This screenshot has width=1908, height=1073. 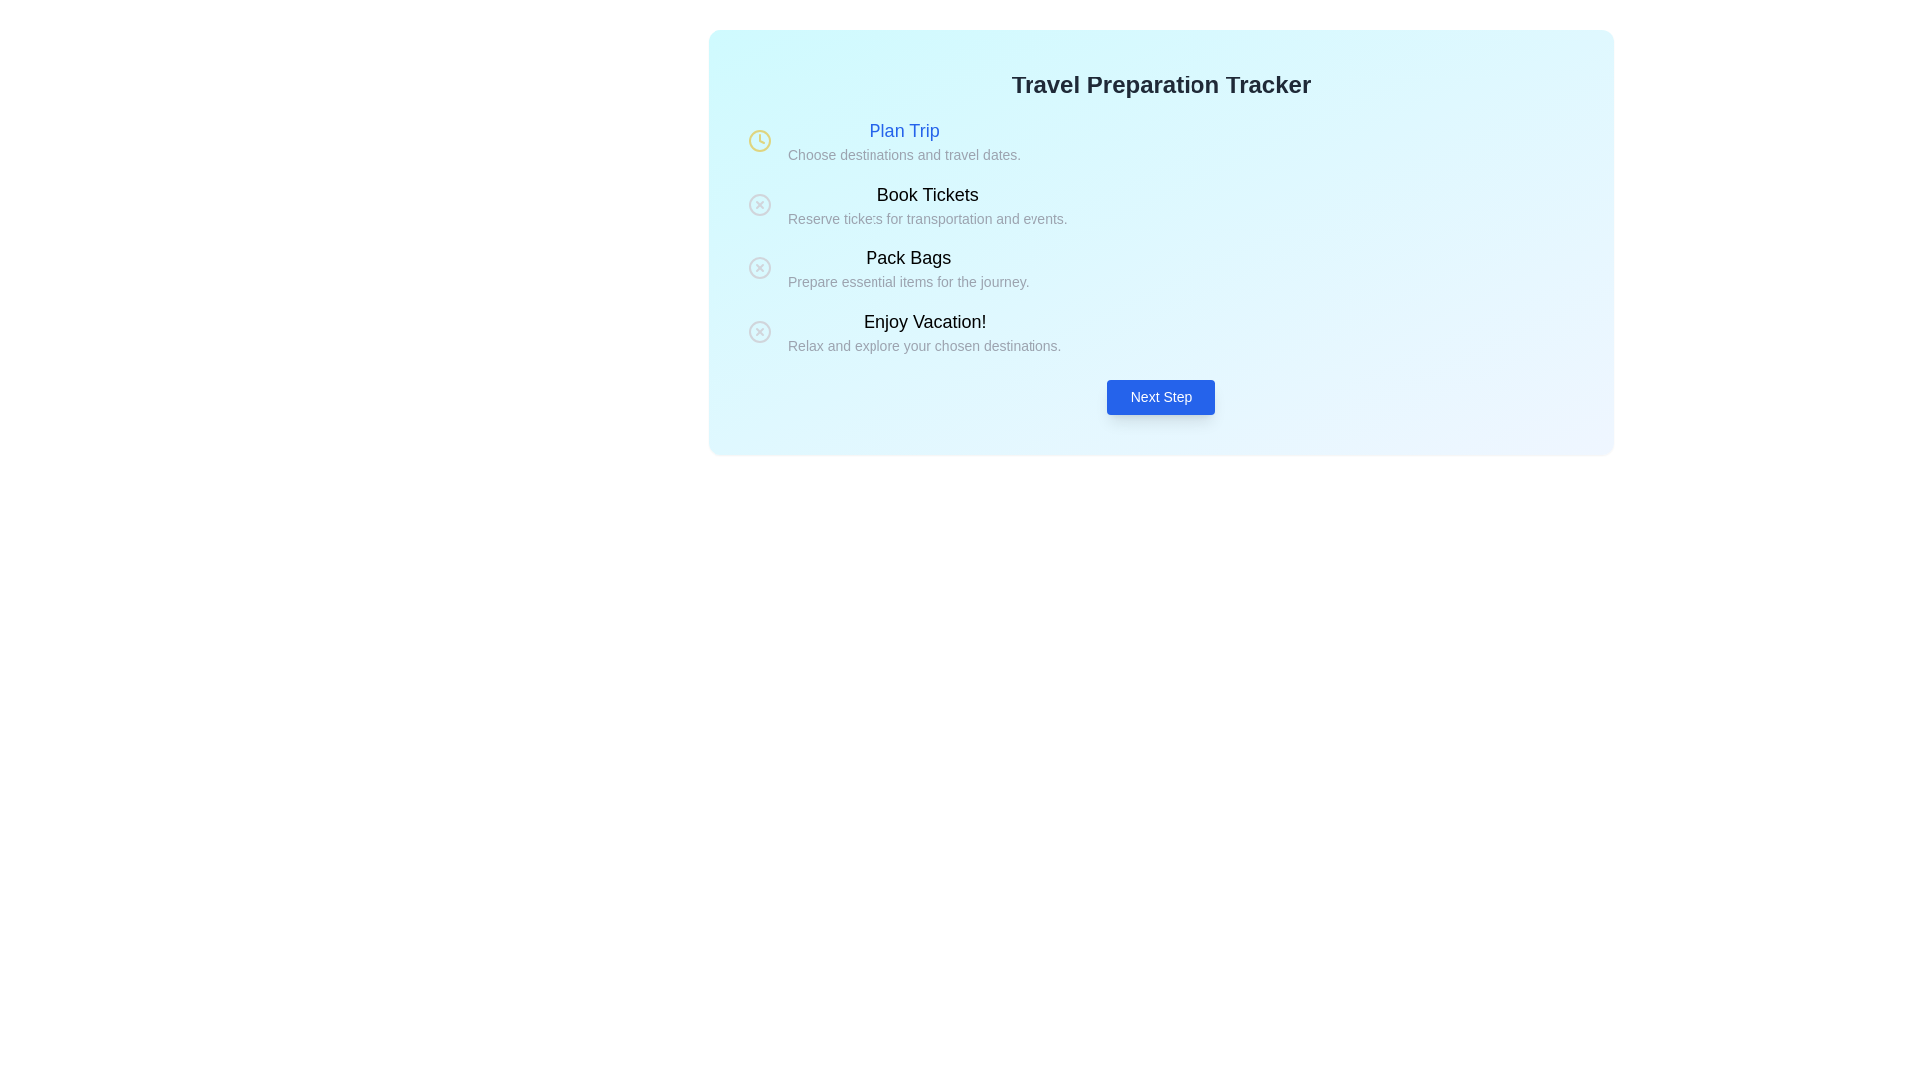 What do you see at coordinates (1161, 331) in the screenshot?
I see `the fourth informational block in the Travel Preparation Tracker that indicates completed milestones of the vacation phase` at bounding box center [1161, 331].